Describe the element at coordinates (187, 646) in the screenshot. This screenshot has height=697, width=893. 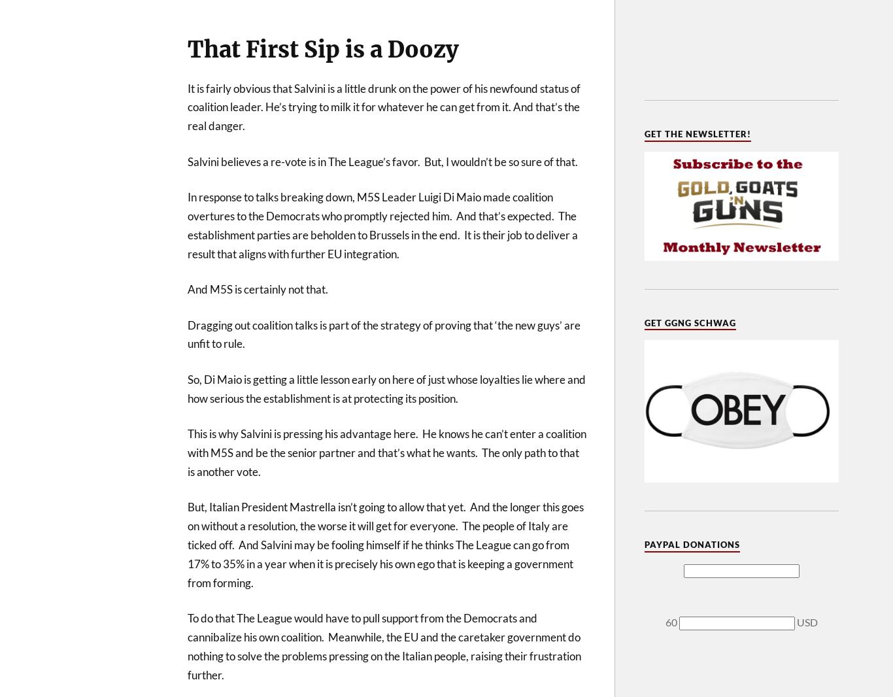
I see `'To do that The League would have to pull support from the Democrats and cannibalize his own coalition.  Meanwhile, the EU and the caretaker government do nothing to solve the problems pressing on the Italian people, raising their frustration further.'` at that location.